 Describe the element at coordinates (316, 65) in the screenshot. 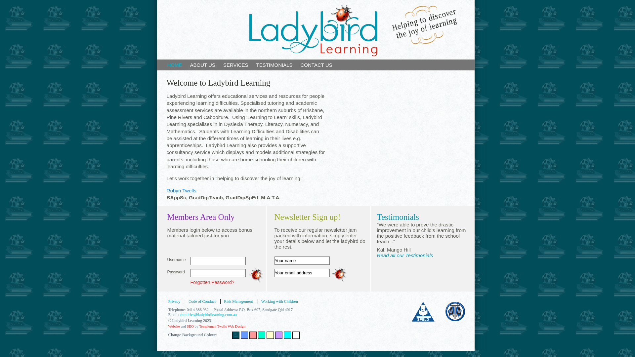

I see `'CONTACT US'` at that location.